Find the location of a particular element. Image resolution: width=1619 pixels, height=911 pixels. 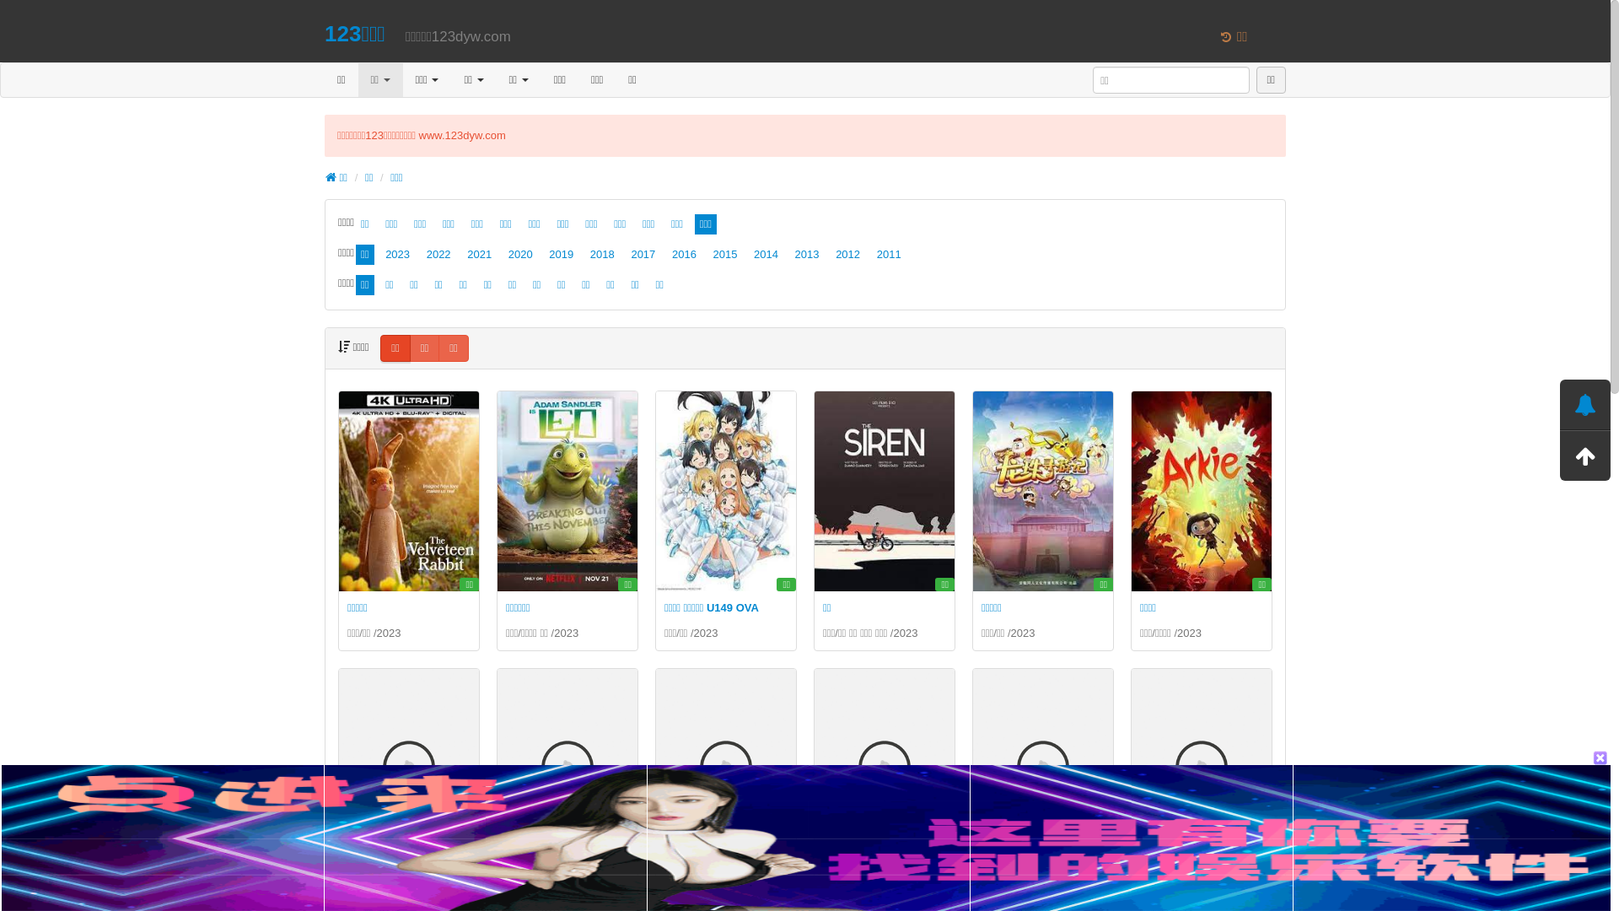

'2012' is located at coordinates (847, 254).